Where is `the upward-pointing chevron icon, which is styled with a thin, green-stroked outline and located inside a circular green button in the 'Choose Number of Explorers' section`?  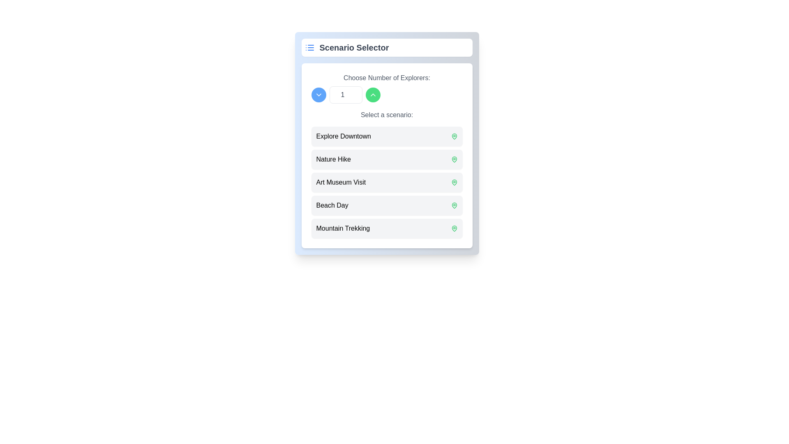 the upward-pointing chevron icon, which is styled with a thin, green-stroked outline and located inside a circular green button in the 'Choose Number of Explorers' section is located at coordinates (372, 95).